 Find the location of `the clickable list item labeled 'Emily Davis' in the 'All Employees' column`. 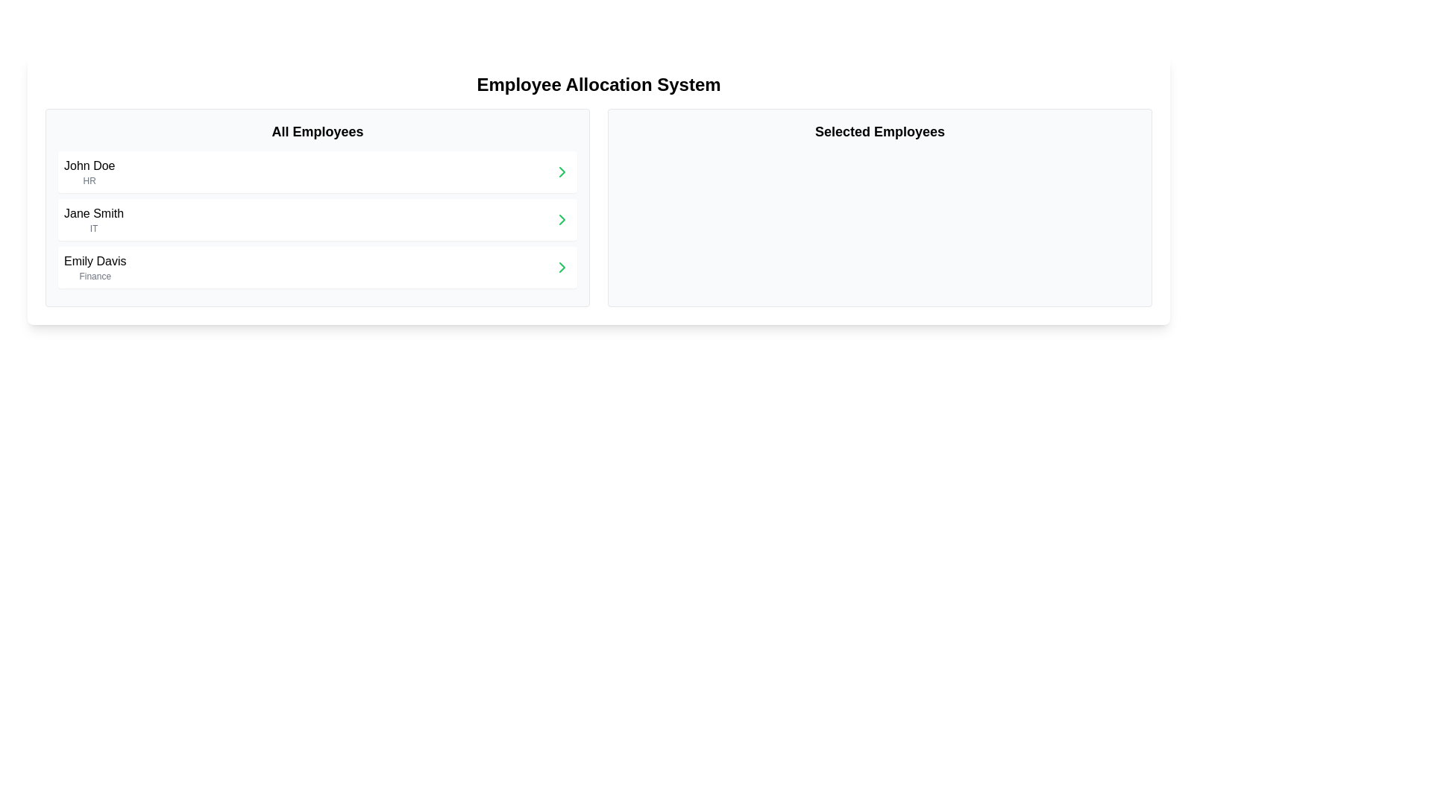

the clickable list item labeled 'Emily Davis' in the 'All Employees' column is located at coordinates (317, 266).